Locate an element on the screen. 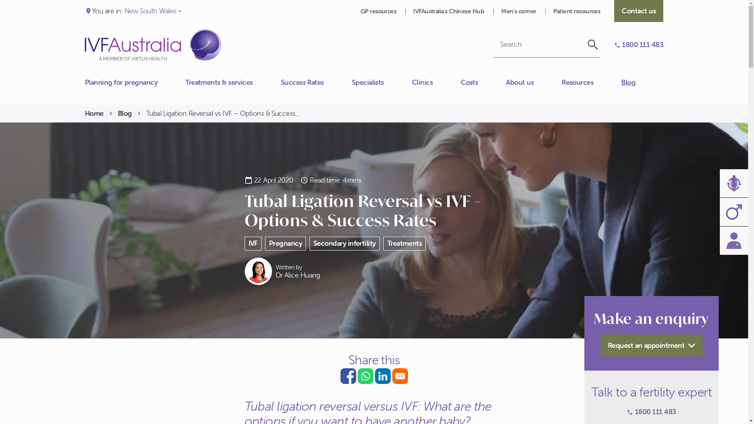 The image size is (754, 424). 'IVFAustralia's Chinese Hub' is located at coordinates (449, 11).